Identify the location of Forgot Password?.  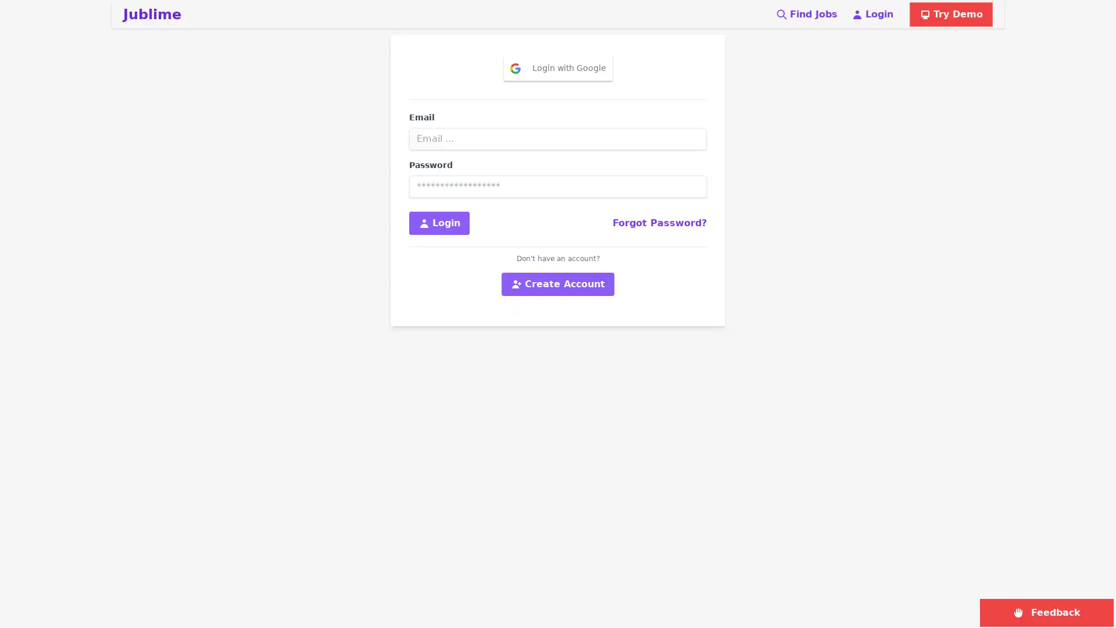
(659, 223).